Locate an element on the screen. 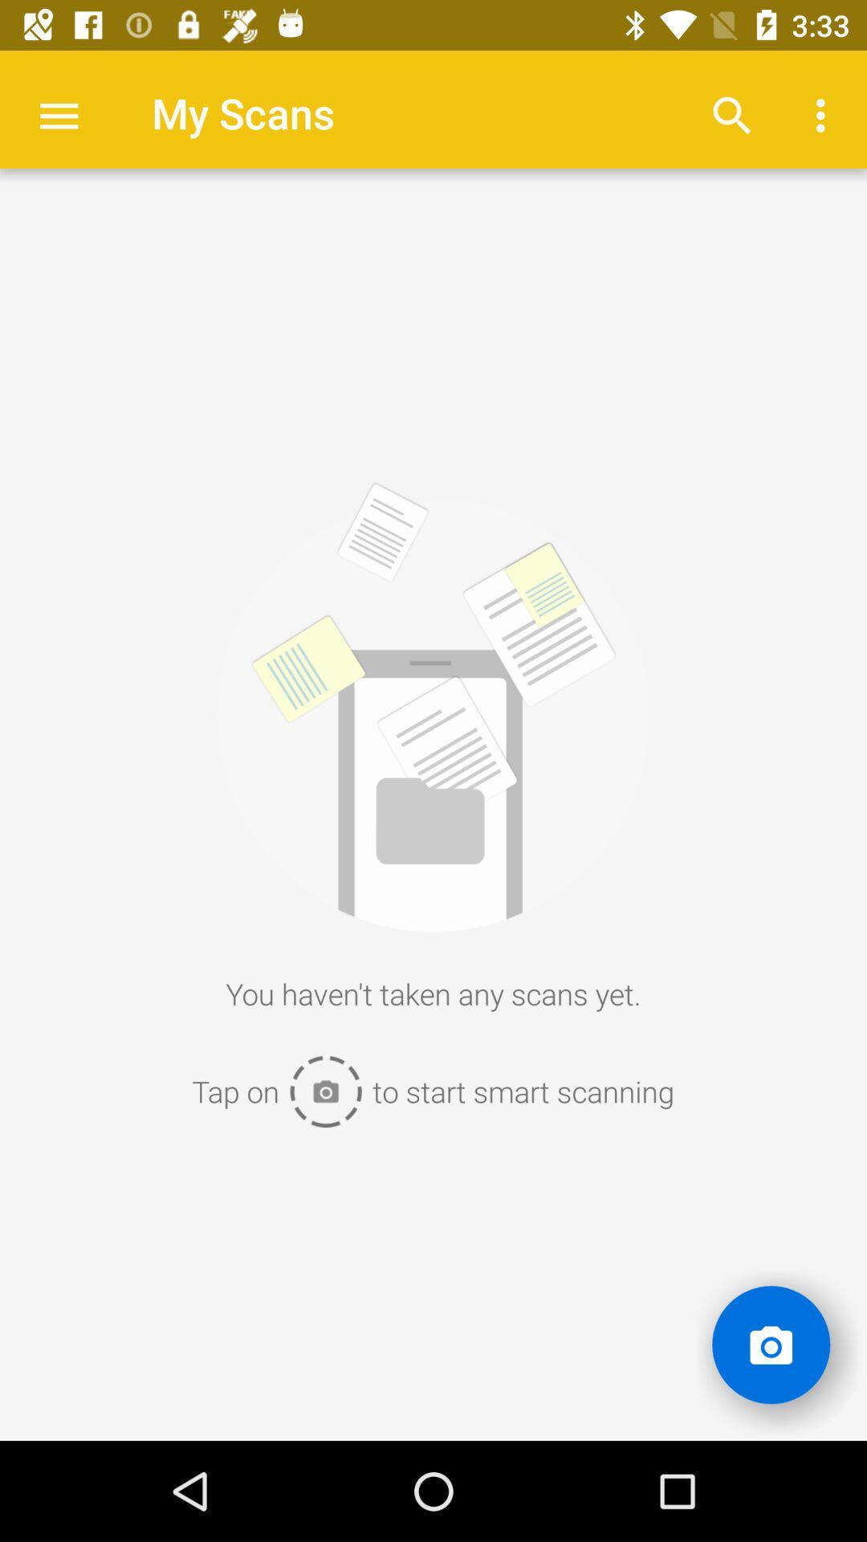  more button at top right is located at coordinates (824, 115).